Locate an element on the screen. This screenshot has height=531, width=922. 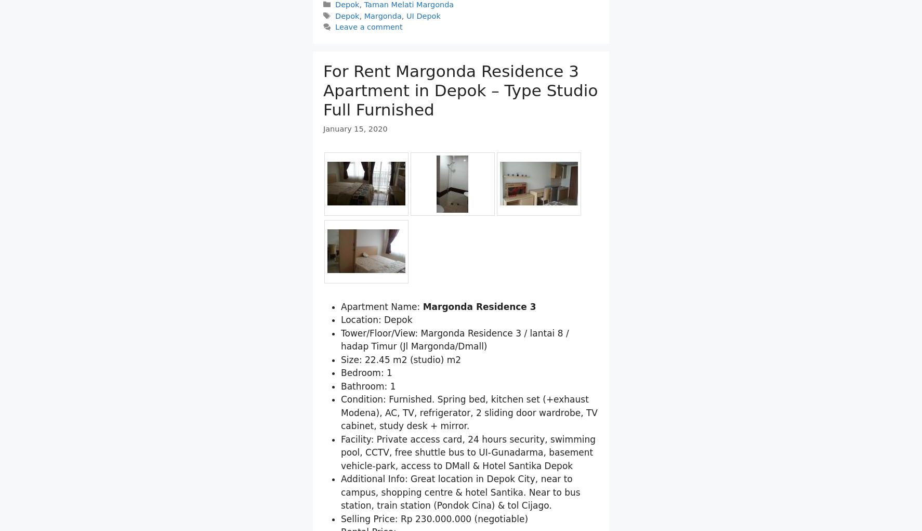
'UI Depok' is located at coordinates (423, 69).